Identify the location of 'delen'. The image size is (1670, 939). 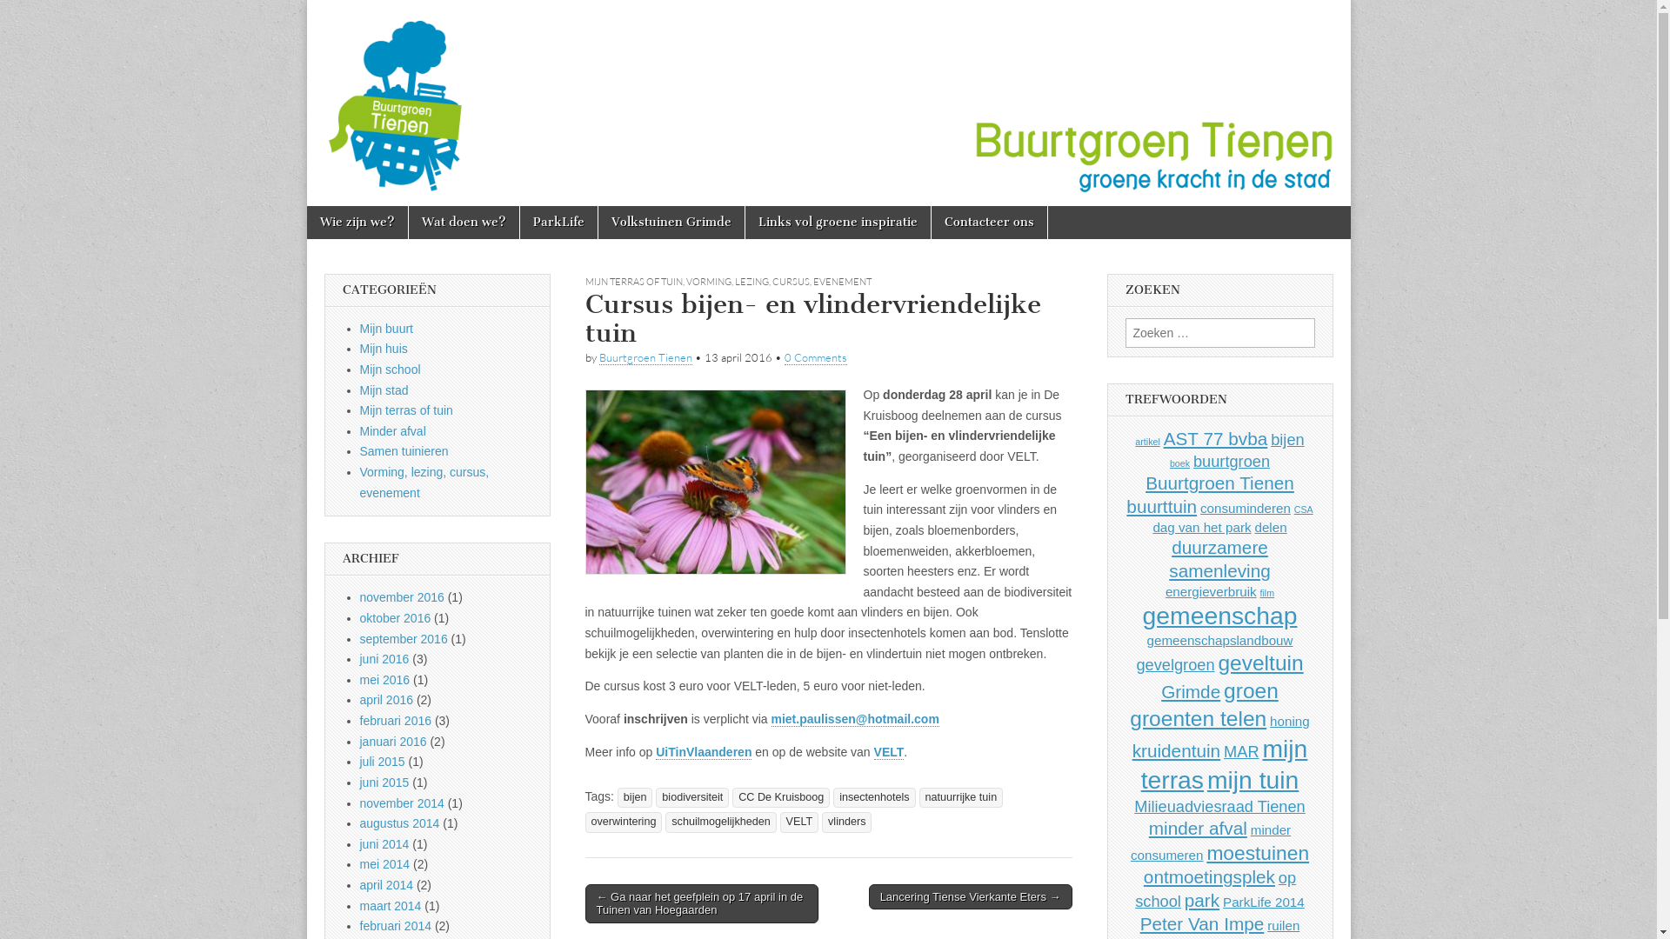
(1270, 526).